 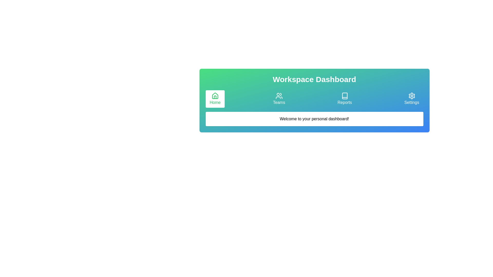 What do you see at coordinates (412, 96) in the screenshot?
I see `the settings icon located in the top-right corner of the green-to-blue gradient navigation bar, beneath the 'Settings' label` at bounding box center [412, 96].